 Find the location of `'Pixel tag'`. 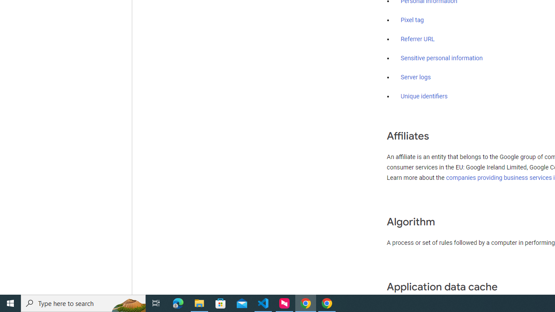

'Pixel tag' is located at coordinates (412, 20).